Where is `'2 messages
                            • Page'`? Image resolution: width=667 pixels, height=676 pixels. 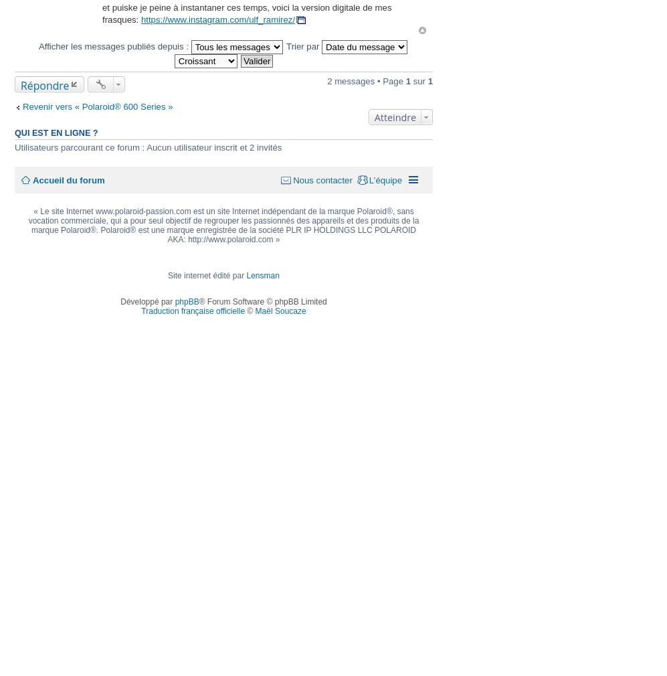 '2 messages
                            • Page' is located at coordinates (366, 80).